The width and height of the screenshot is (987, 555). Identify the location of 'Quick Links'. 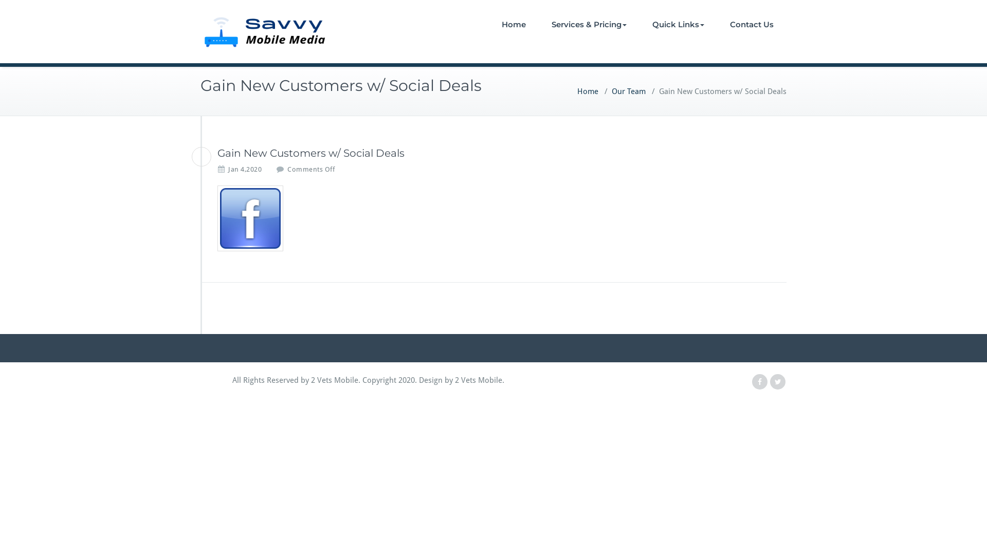
(678, 24).